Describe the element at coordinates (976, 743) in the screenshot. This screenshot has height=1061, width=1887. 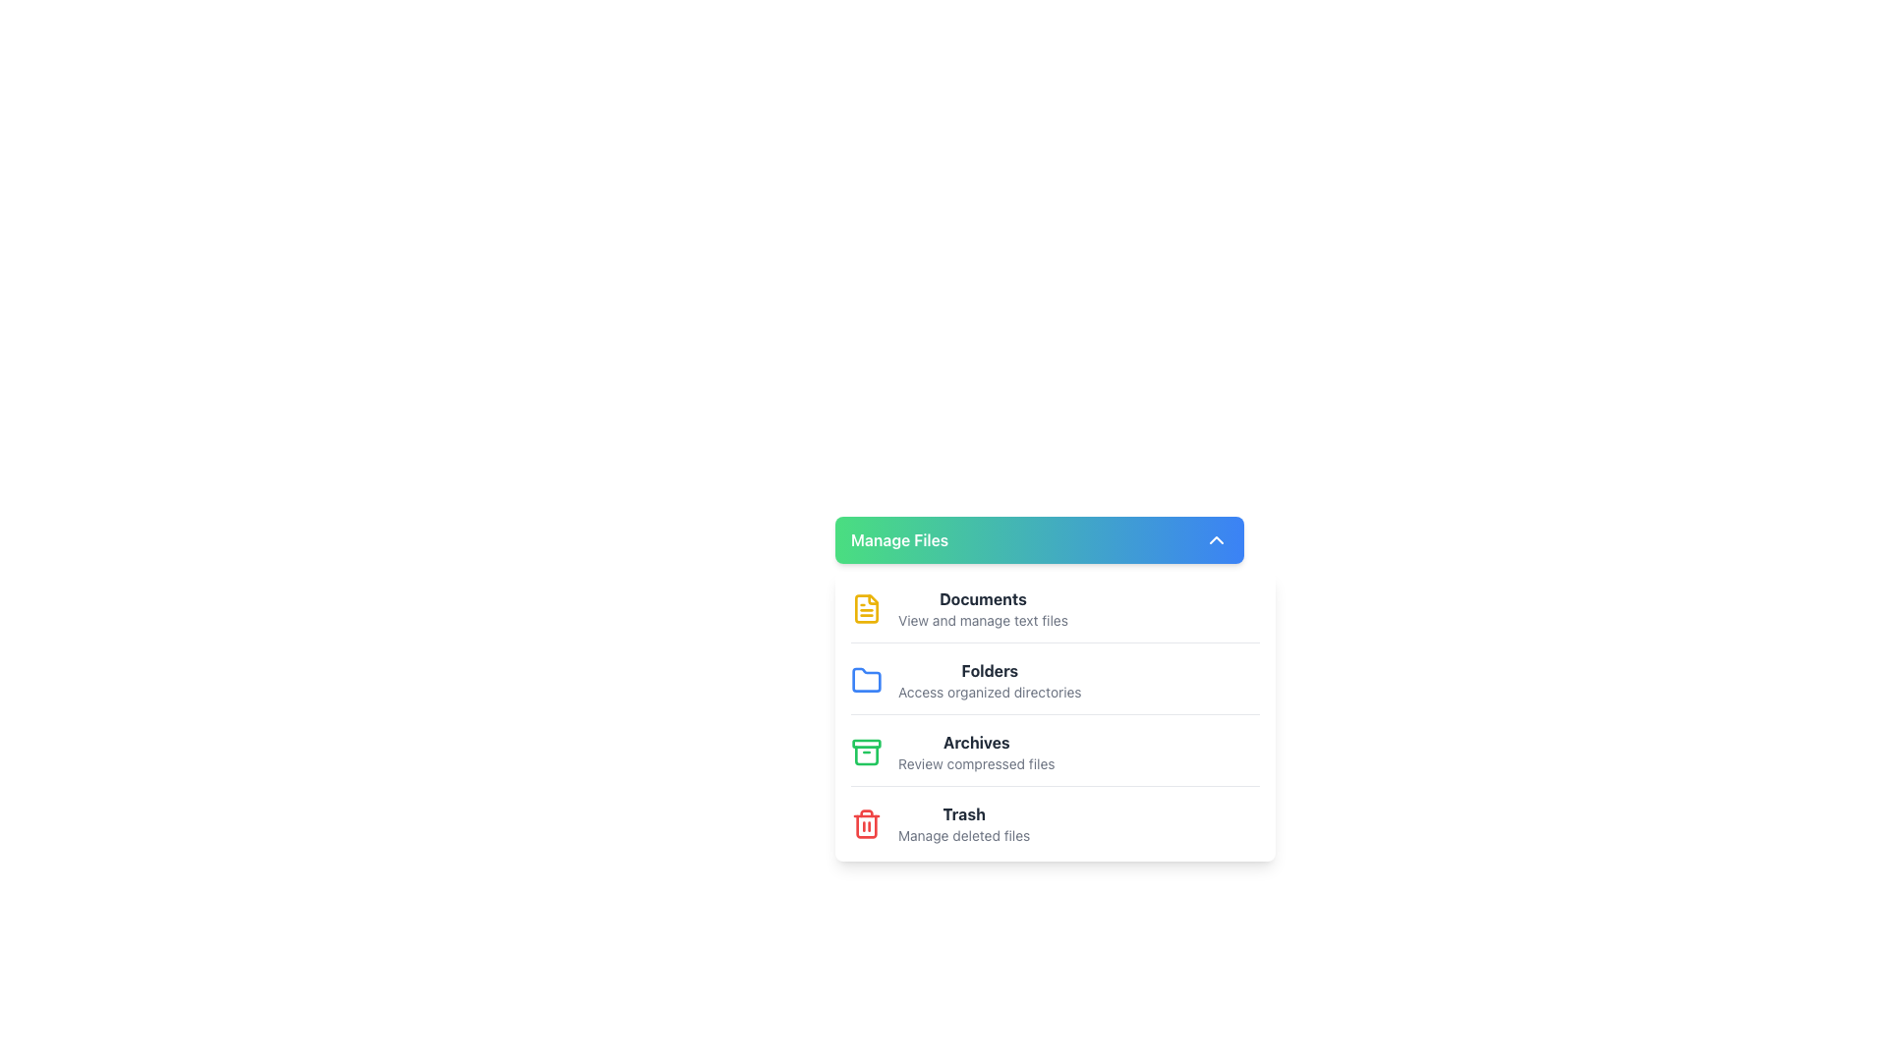
I see `the 'Archives' text label, which is the third item in the 'Manage Files' section, located below 'Folders' and above 'Trash'` at that location.